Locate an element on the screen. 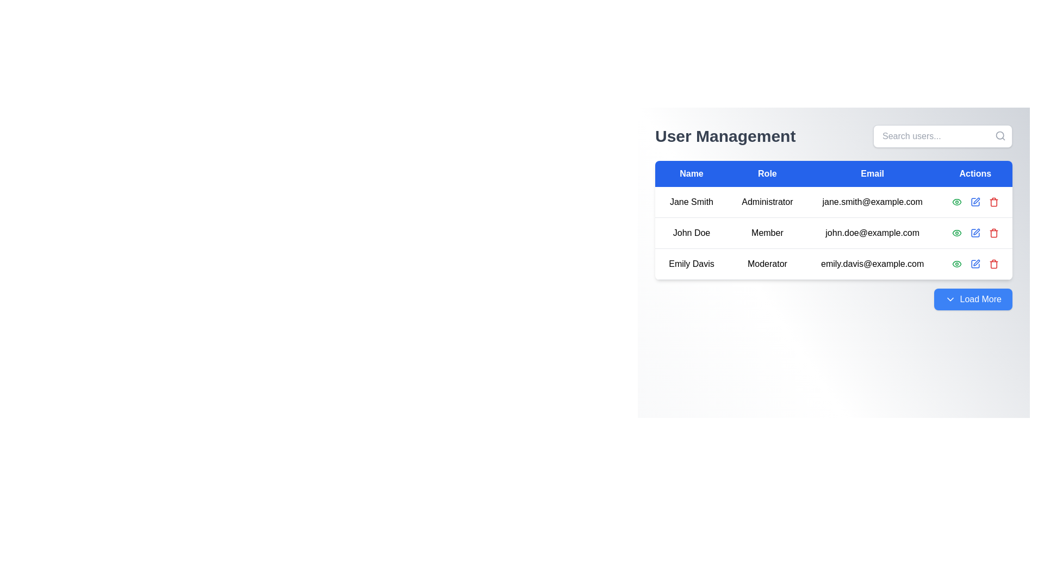 Image resolution: width=1044 pixels, height=587 pixels. the rightmost 'Delete' button (icon-based) in the 'Actions' column of the user table to initiate the deletion of the corresponding user is located at coordinates (993, 264).